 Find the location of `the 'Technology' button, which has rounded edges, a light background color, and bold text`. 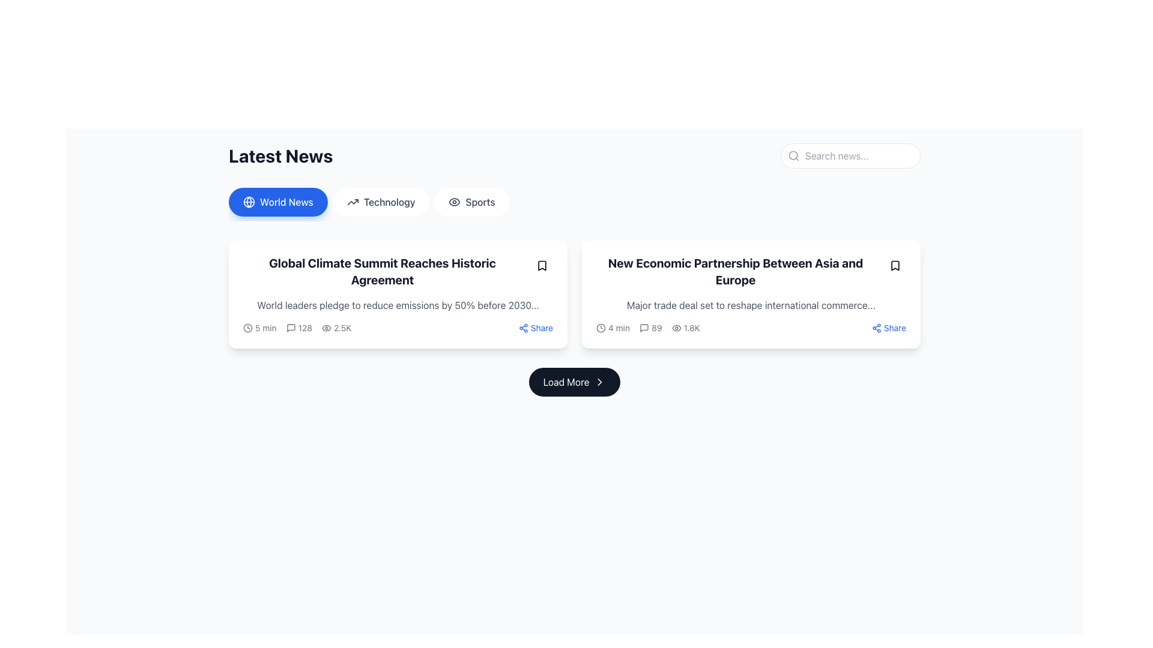

the 'Technology' button, which has rounded edges, a light background color, and bold text is located at coordinates (380, 201).